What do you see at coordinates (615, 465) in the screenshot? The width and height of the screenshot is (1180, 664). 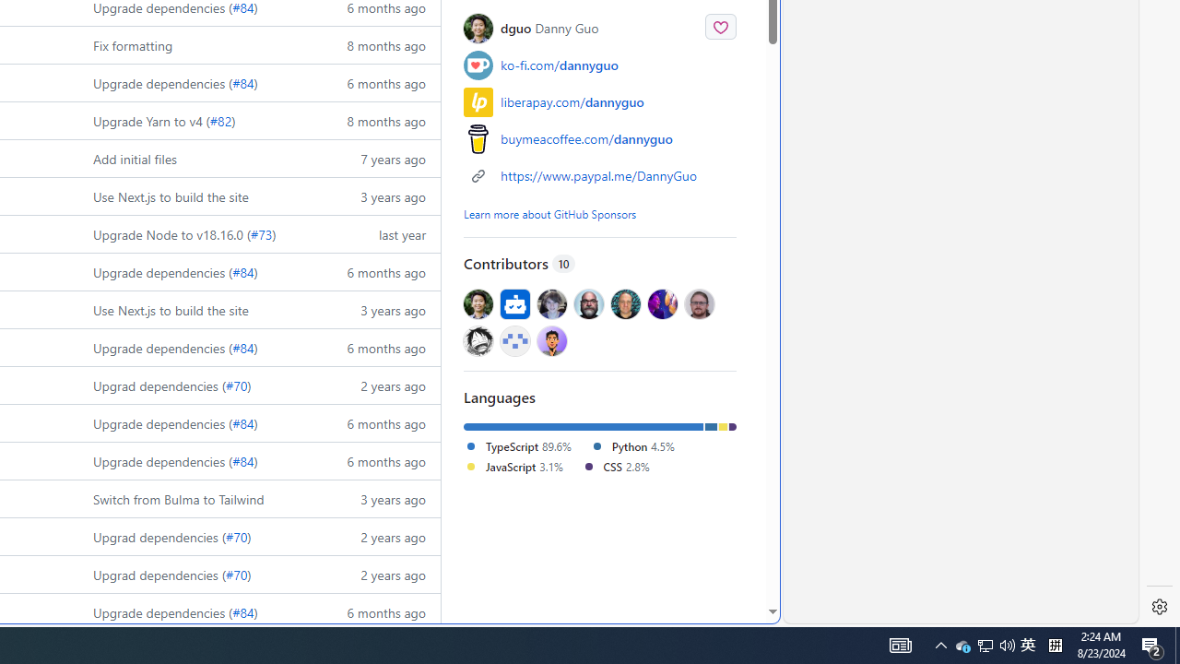 I see `'CSS 2.8%'` at bounding box center [615, 465].